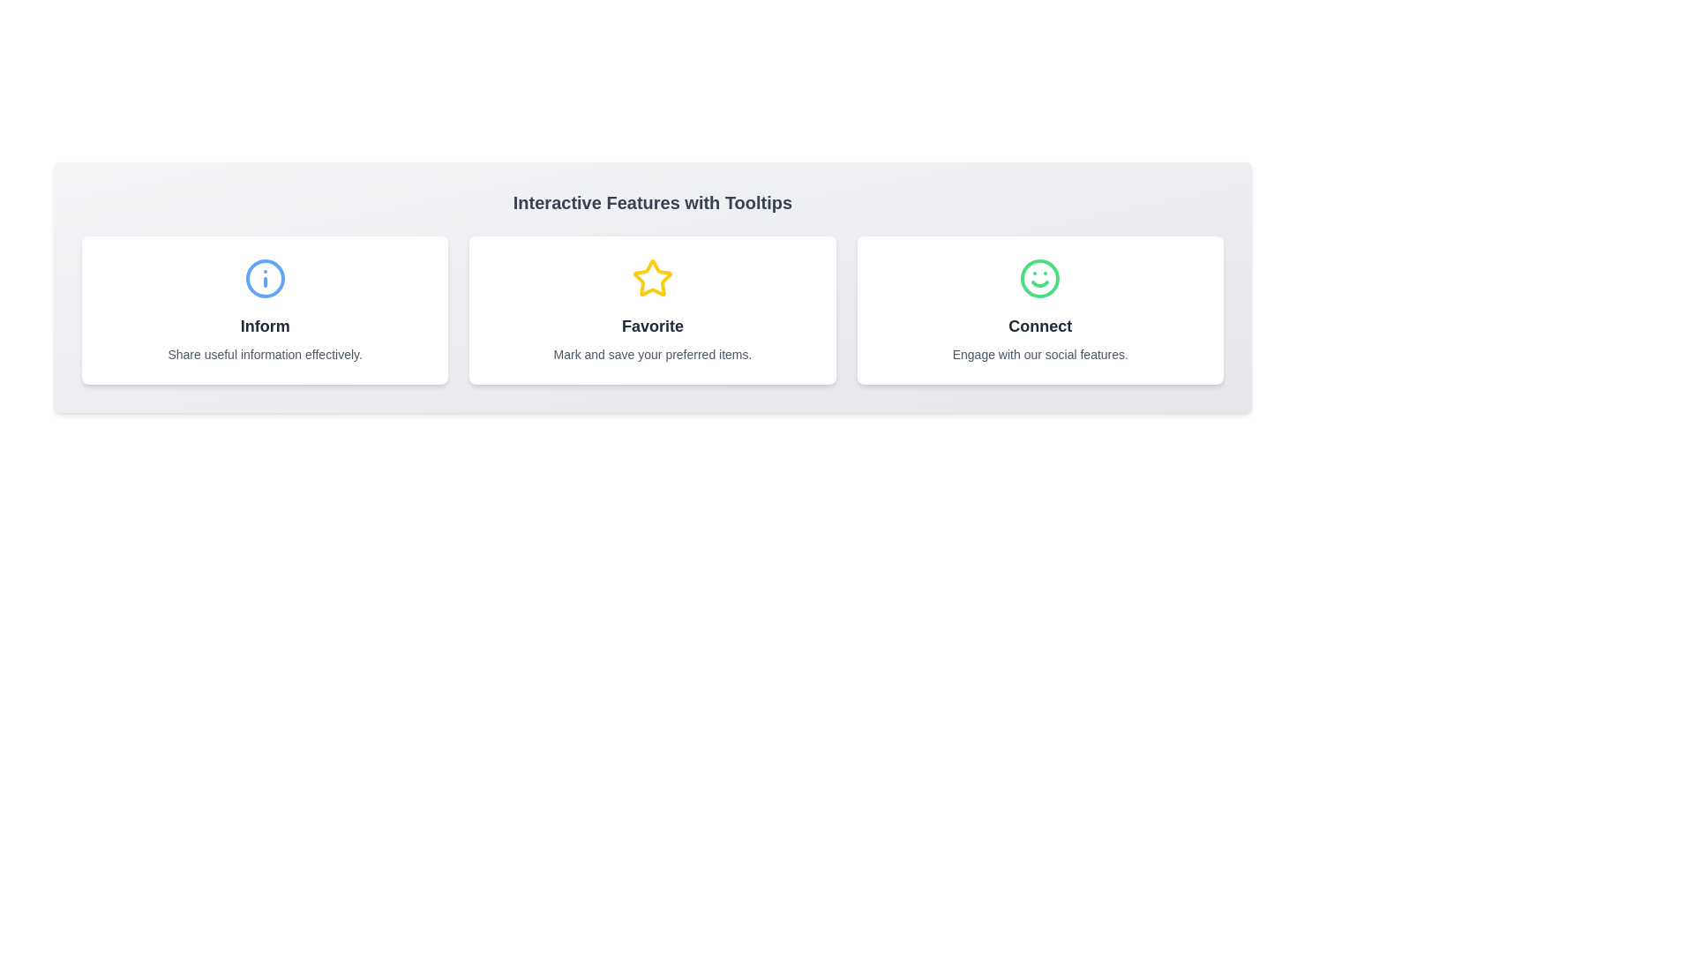 This screenshot has height=953, width=1694. Describe the element at coordinates (264, 354) in the screenshot. I see `the text label containing the message 'Share useful information effectively.' which is located in the informational card titled 'Inform' in the leftmost section of the layout` at that location.